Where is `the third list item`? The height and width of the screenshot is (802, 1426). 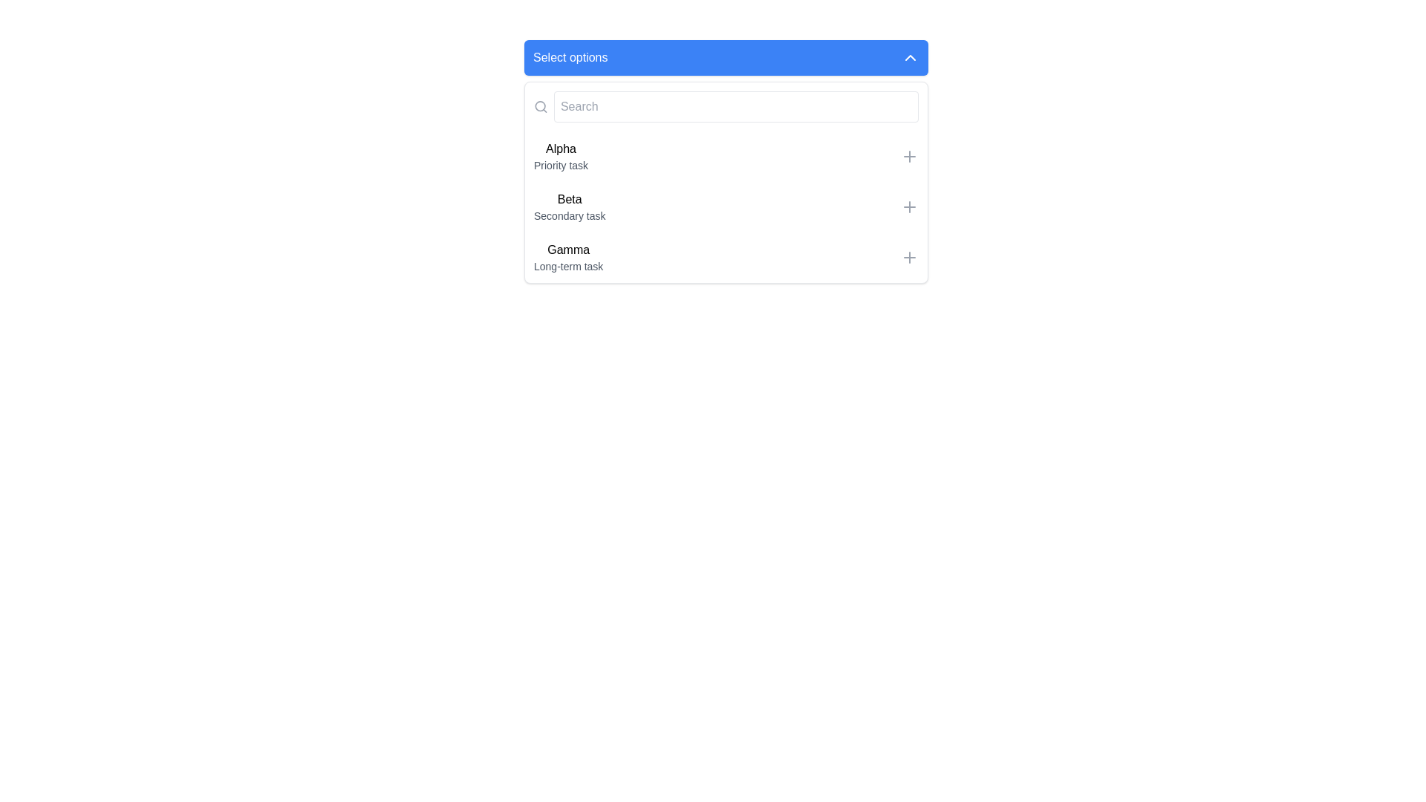 the third list item is located at coordinates (567, 257).